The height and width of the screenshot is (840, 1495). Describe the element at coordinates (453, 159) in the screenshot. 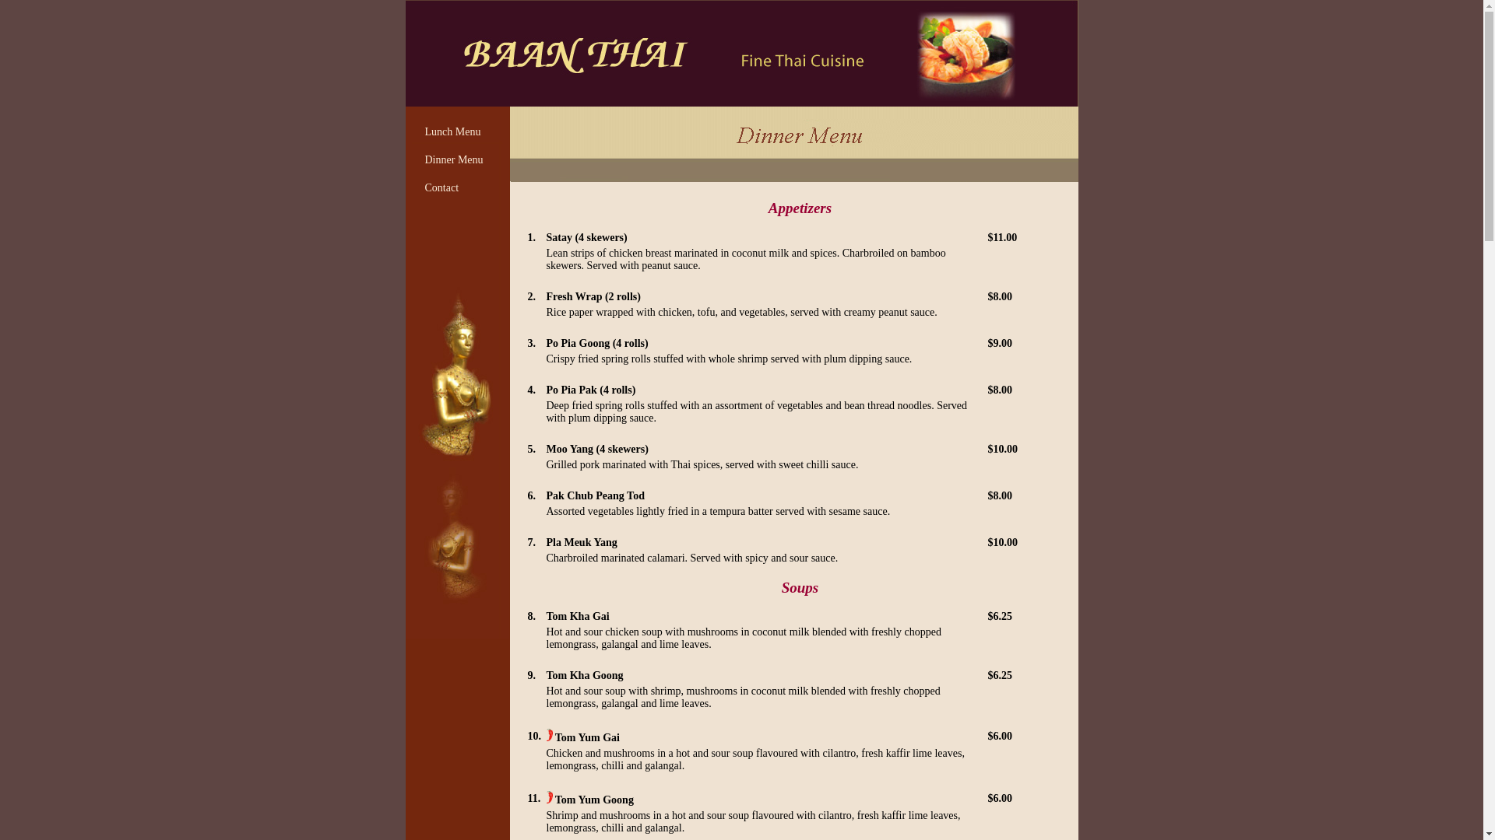

I see `'Dinner Menu'` at that location.